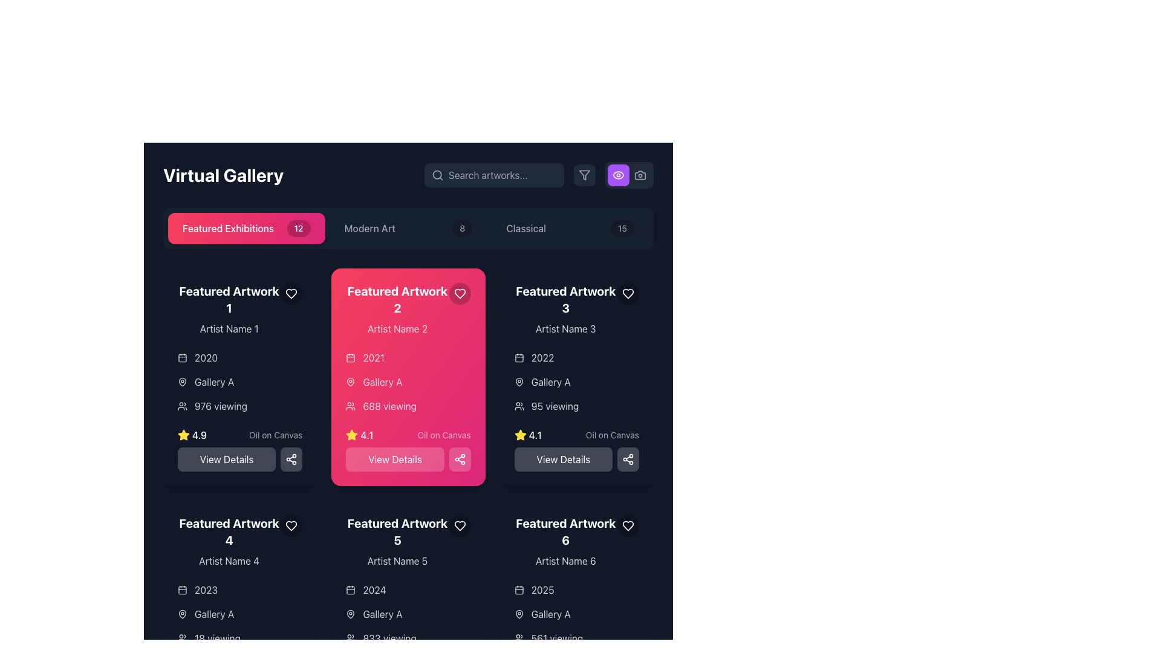 The width and height of the screenshot is (1161, 653). I want to click on the small location pin icon positioned directly to the left of the text 'Gallery A.' This icon has a circular base tapering into a pointed tip and is styled in a clean, minimal design, so click(350, 614).